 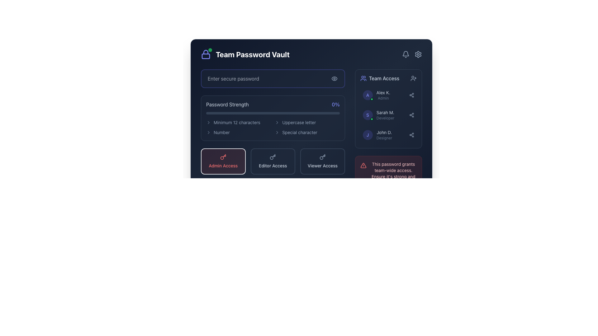 What do you see at coordinates (334, 78) in the screenshot?
I see `the top component of the eye-shaped SVG icon that serves as a visibility toggle for the password entry, located at the end of the 'Enter secure password' input field` at bounding box center [334, 78].